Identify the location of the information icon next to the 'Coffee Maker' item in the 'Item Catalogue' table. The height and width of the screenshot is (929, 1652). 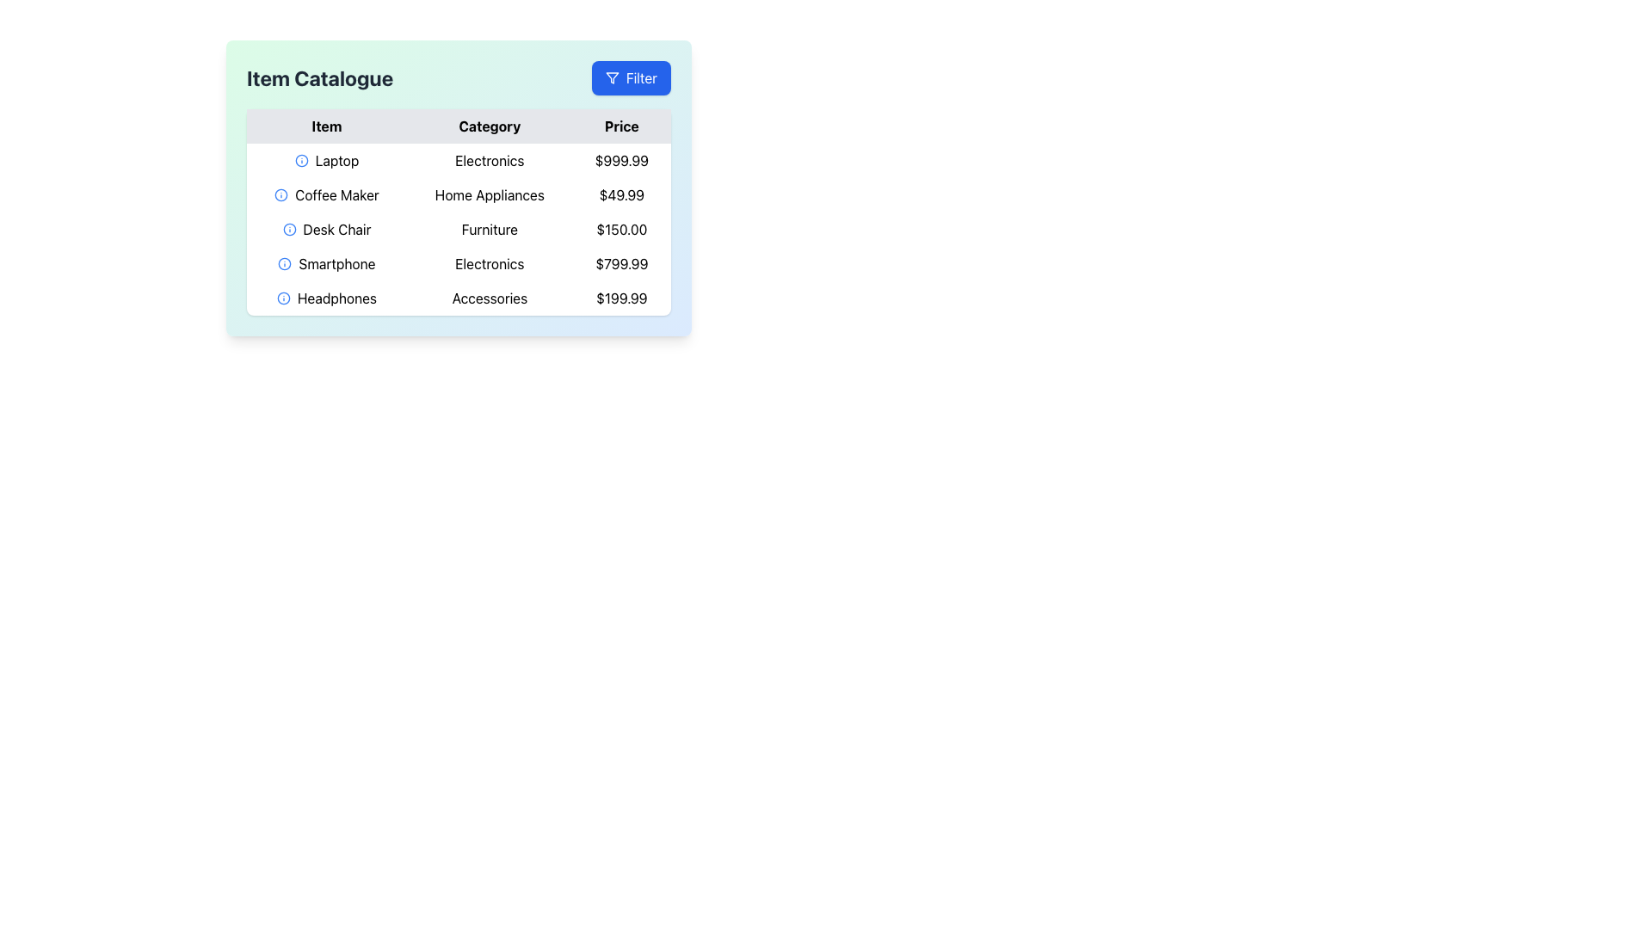
(281, 194).